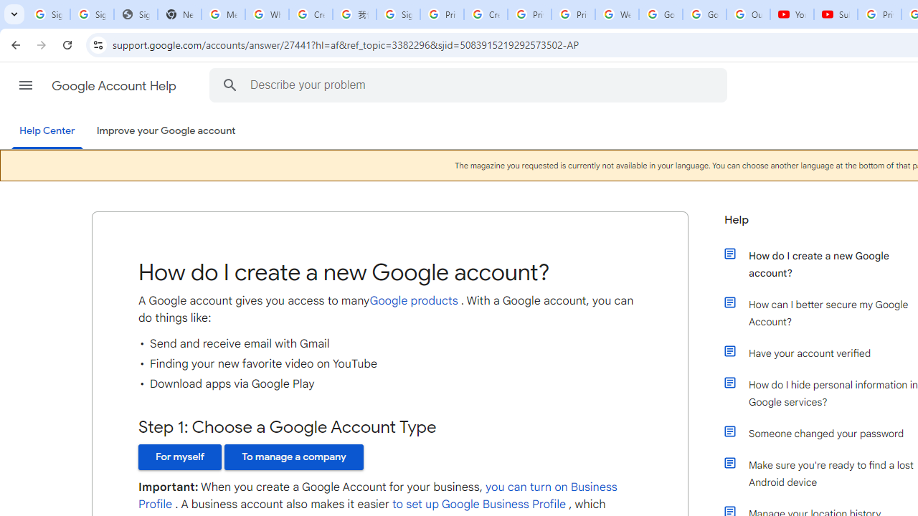 The height and width of the screenshot is (516, 918). What do you see at coordinates (67, 44) in the screenshot?
I see `'Reload'` at bounding box center [67, 44].